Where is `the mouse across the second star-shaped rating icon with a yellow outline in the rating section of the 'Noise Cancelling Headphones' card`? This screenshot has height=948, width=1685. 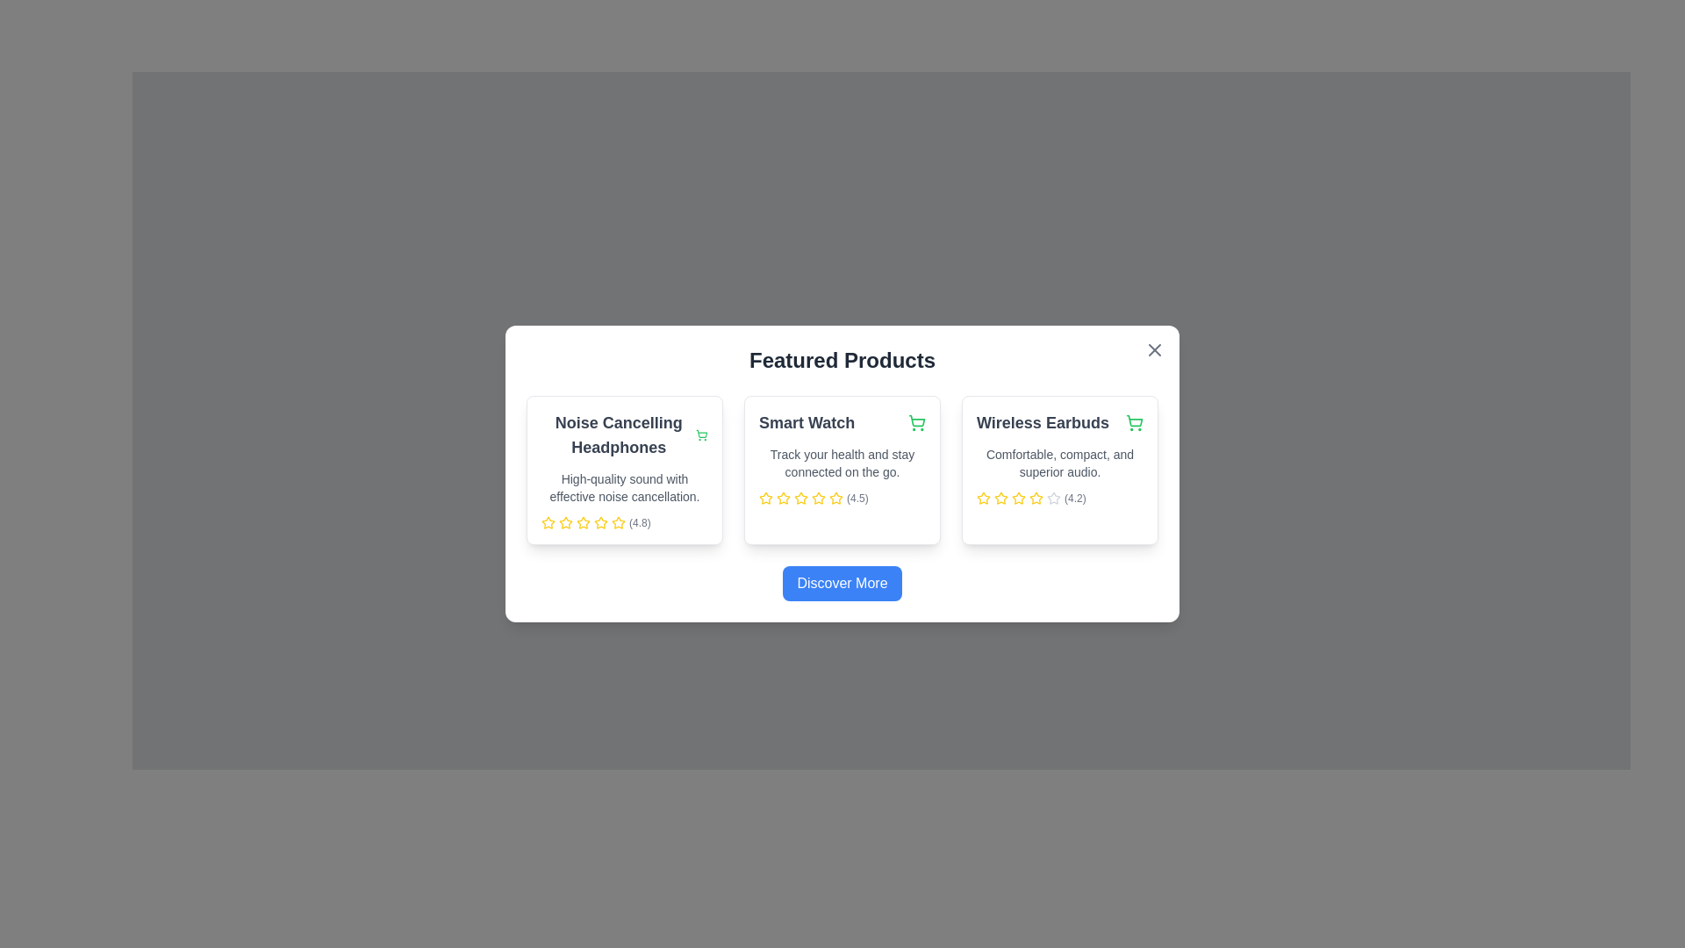
the mouse across the second star-shaped rating icon with a yellow outline in the rating section of the 'Noise Cancelling Headphones' card is located at coordinates (584, 521).